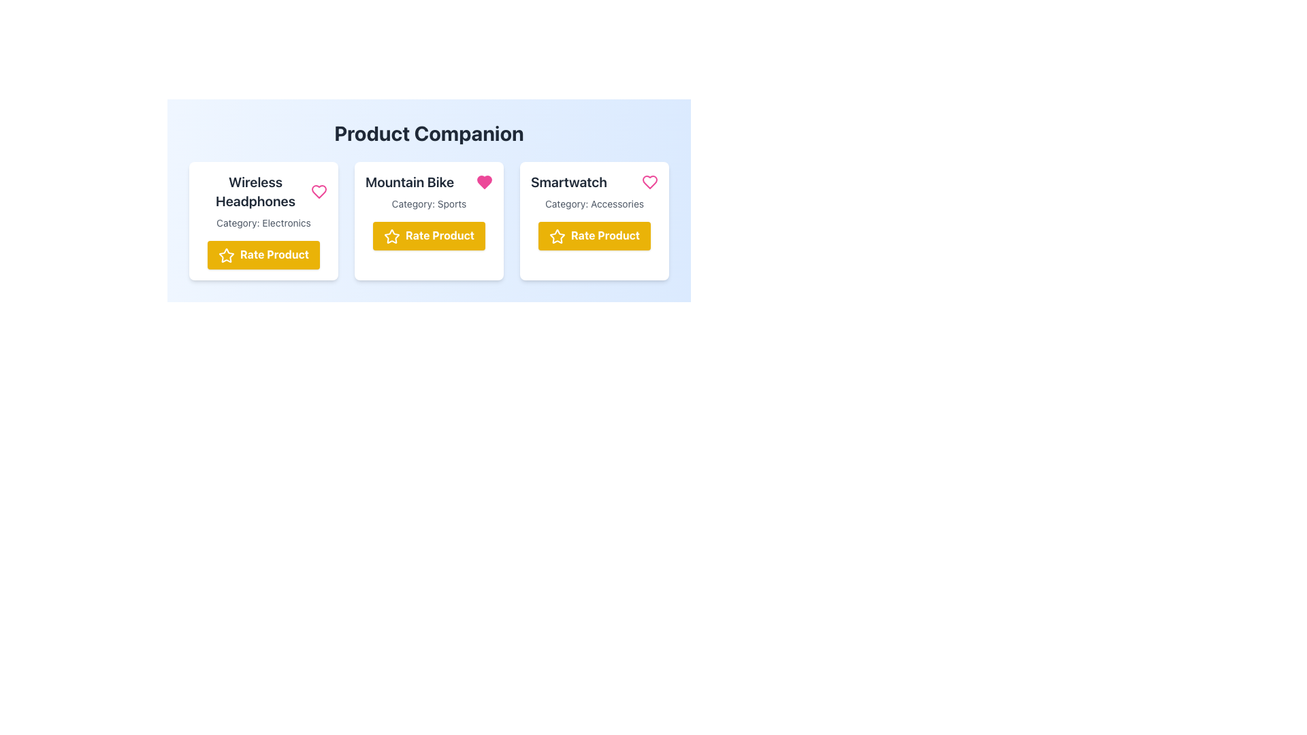 This screenshot has height=735, width=1307. Describe the element at coordinates (255, 191) in the screenshot. I see `the text label identifying the product 'Wireless Headphones', which is located at the top-left card in a row of three cards` at that location.